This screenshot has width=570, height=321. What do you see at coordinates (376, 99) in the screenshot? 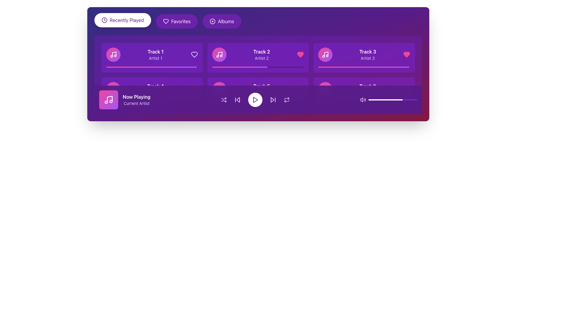
I see `the volume level` at bounding box center [376, 99].